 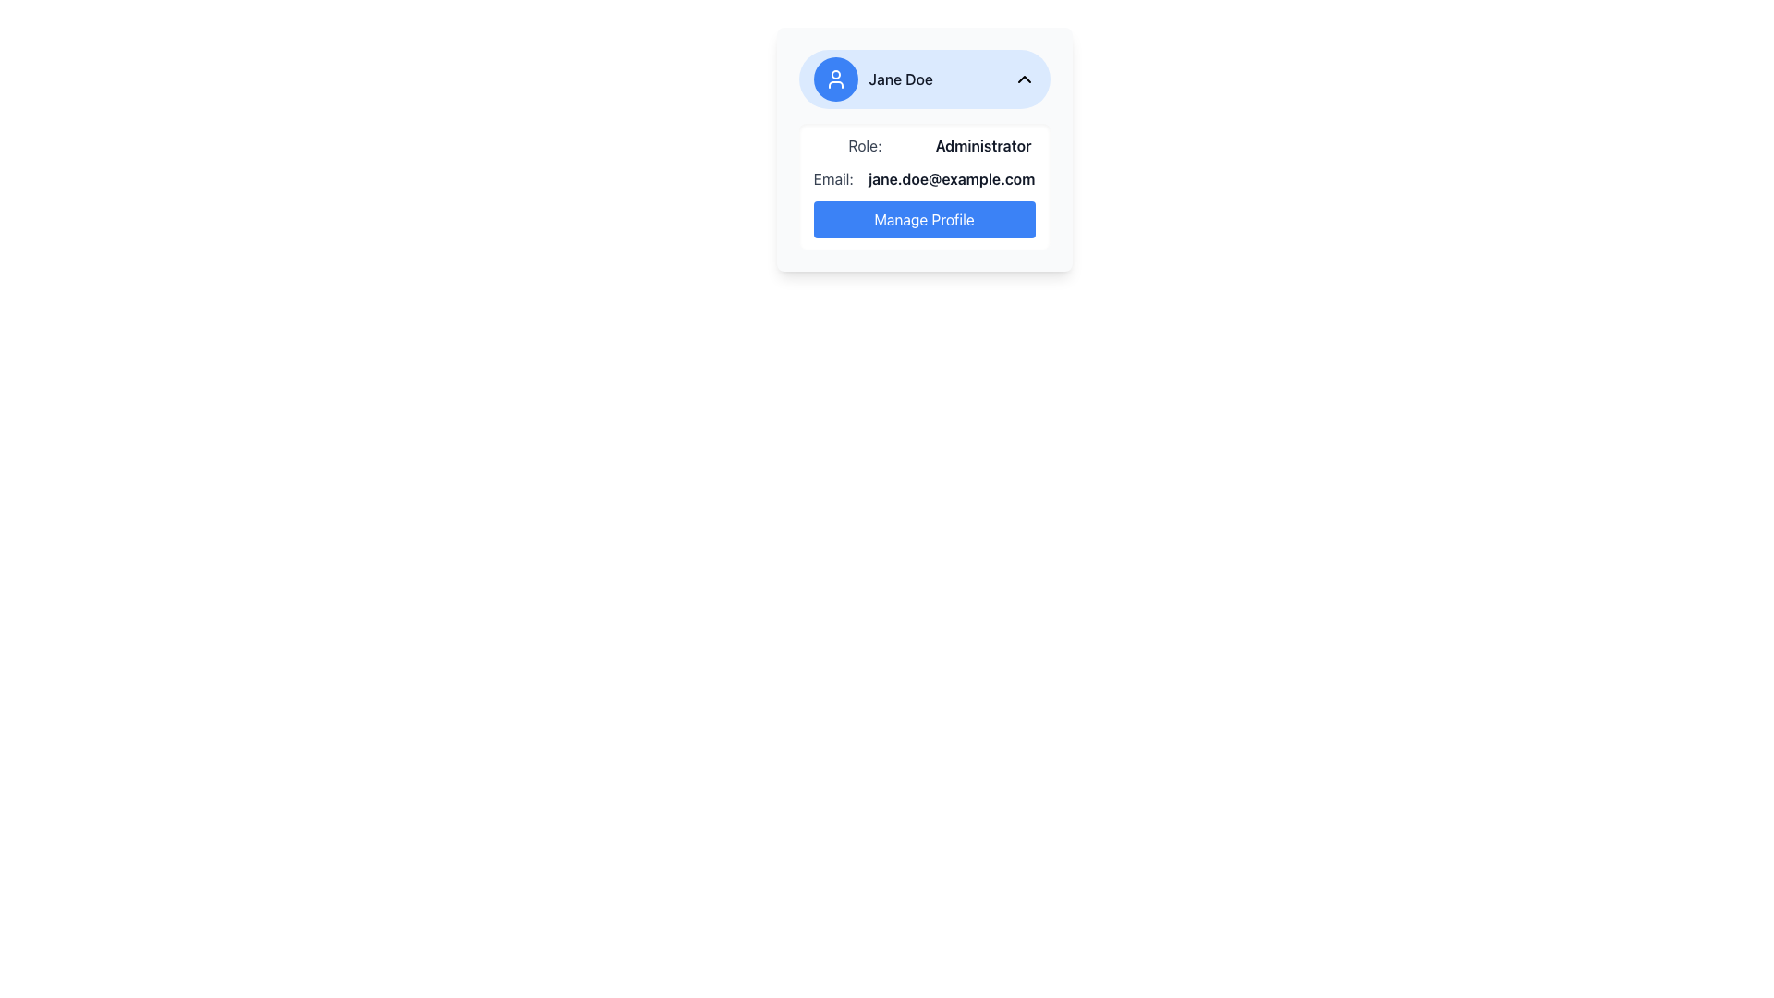 What do you see at coordinates (872, 78) in the screenshot?
I see `the user name text label in the profile summary, which is positioned immediately to the right of the circular user icon` at bounding box center [872, 78].